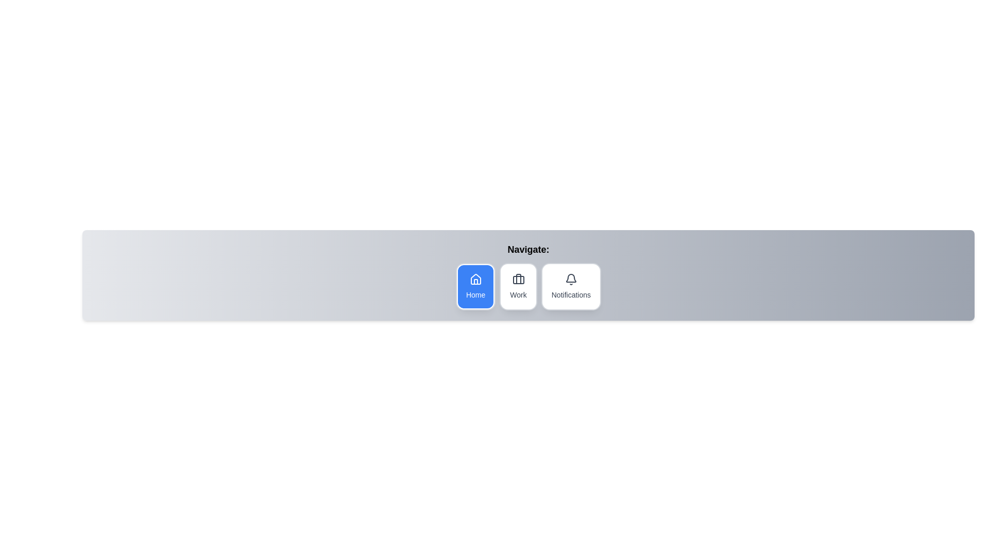 Image resolution: width=989 pixels, height=556 pixels. What do you see at coordinates (475, 286) in the screenshot?
I see `the icon corresponding to Home` at bounding box center [475, 286].